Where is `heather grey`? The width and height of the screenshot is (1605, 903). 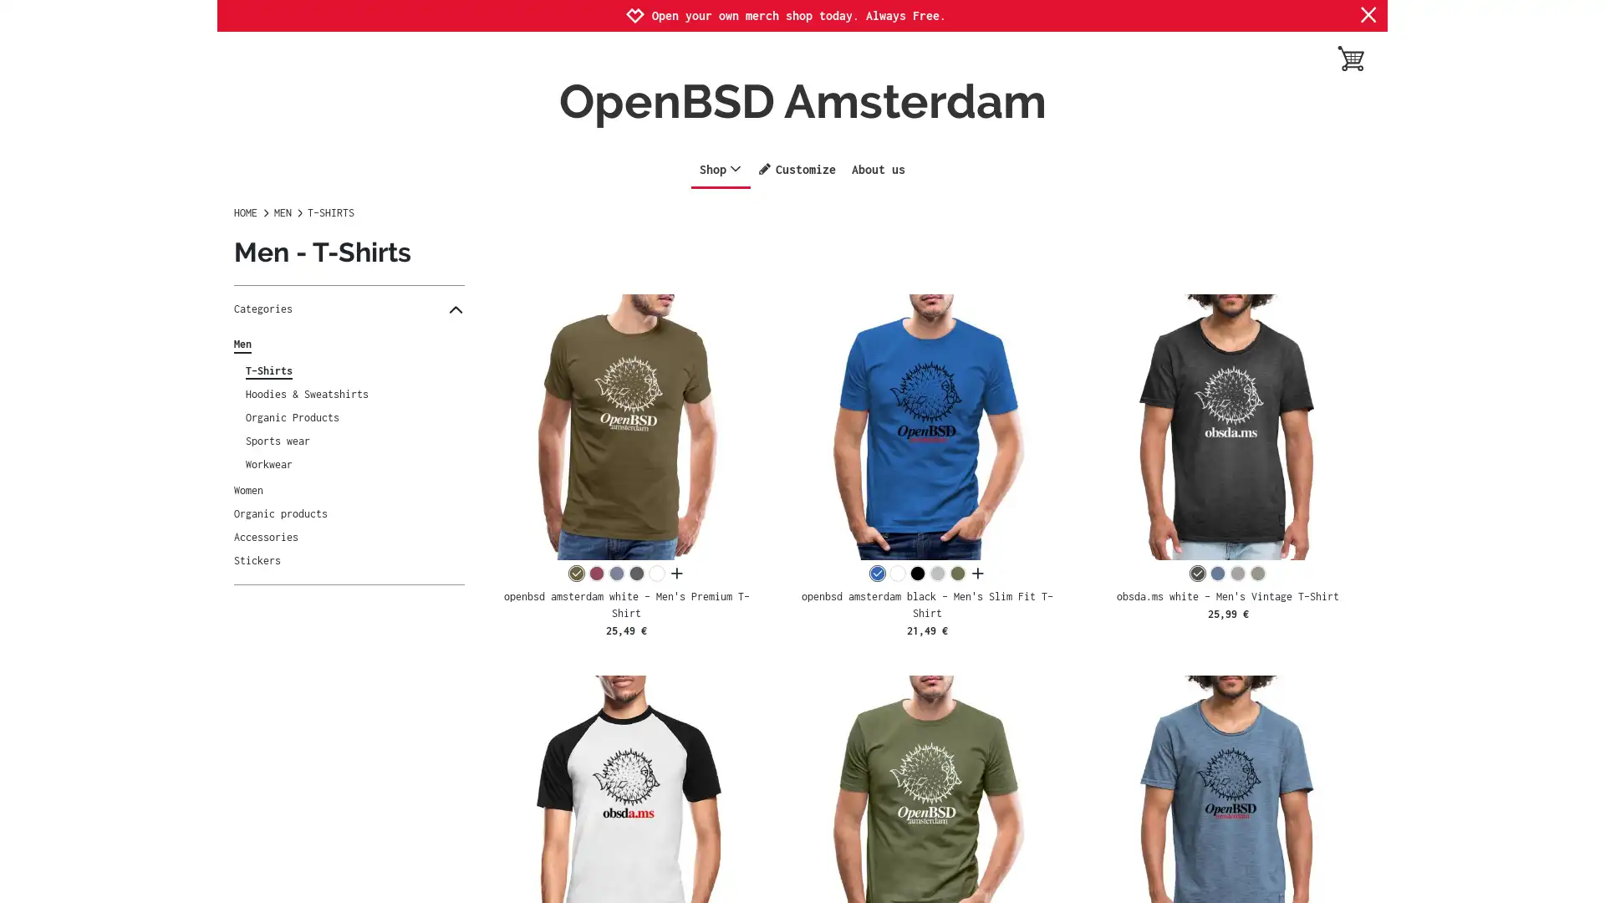 heather grey is located at coordinates (937, 573).